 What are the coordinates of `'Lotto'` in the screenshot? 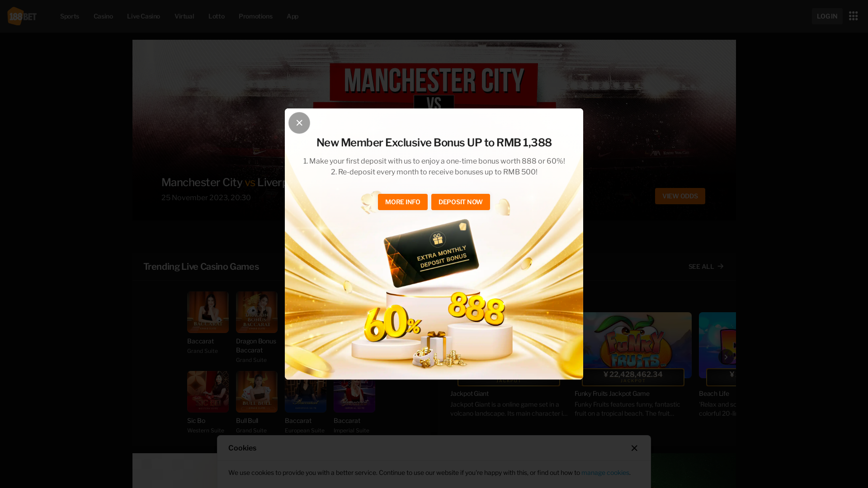 It's located at (216, 15).